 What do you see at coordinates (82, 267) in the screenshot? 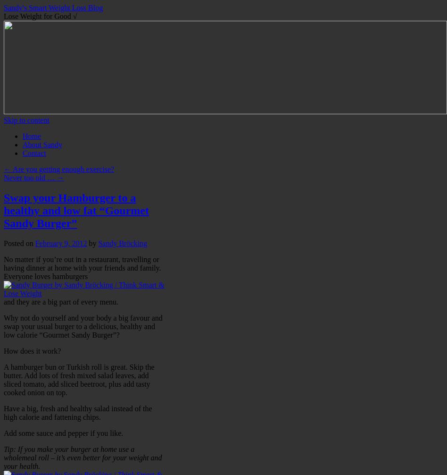
I see `'No matter if you’re out in a restaurant, travelling or having dinner at home with your friends and family. Everyone loves hamburgers'` at bounding box center [82, 267].